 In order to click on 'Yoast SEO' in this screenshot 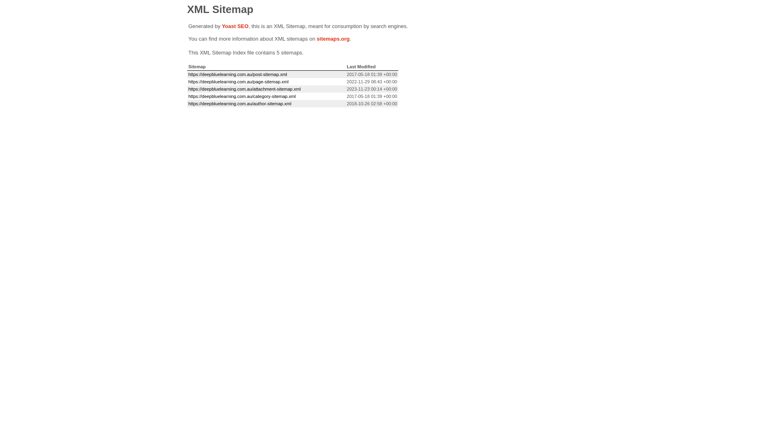, I will do `click(222, 26)`.